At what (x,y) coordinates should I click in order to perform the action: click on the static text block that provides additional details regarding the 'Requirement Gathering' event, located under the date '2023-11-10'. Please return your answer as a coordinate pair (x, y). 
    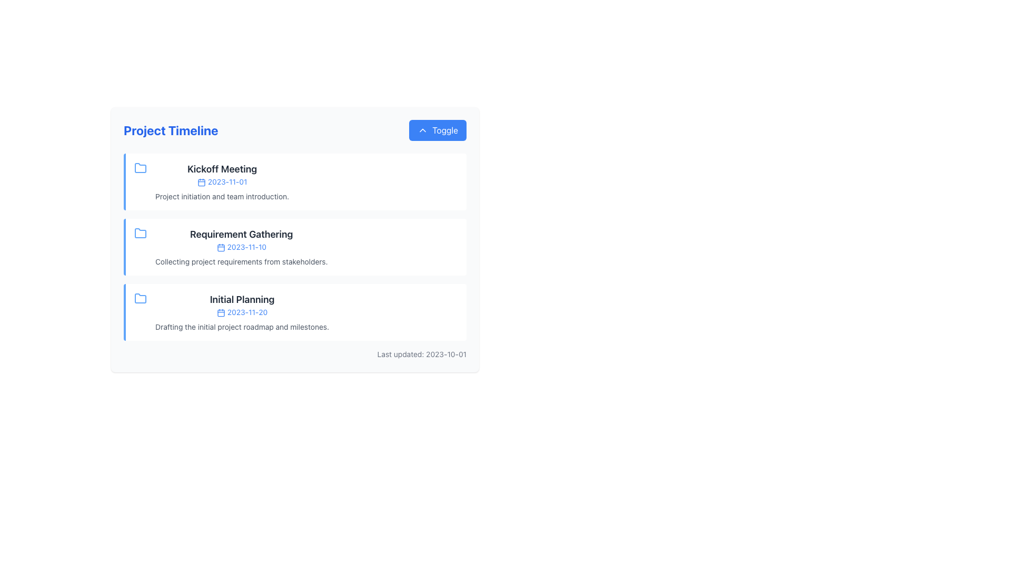
    Looking at the image, I should click on (241, 261).